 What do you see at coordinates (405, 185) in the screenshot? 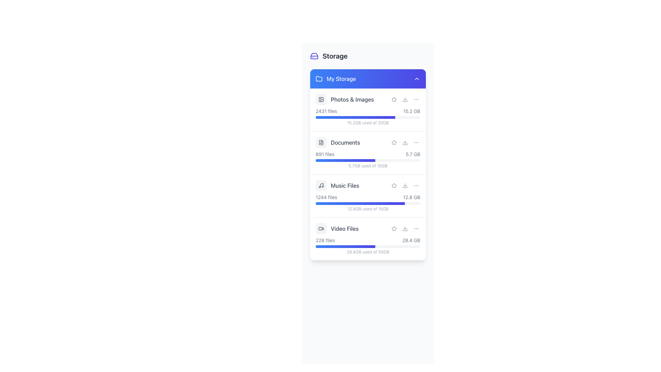
I see `the second clickable icon button` at bounding box center [405, 185].